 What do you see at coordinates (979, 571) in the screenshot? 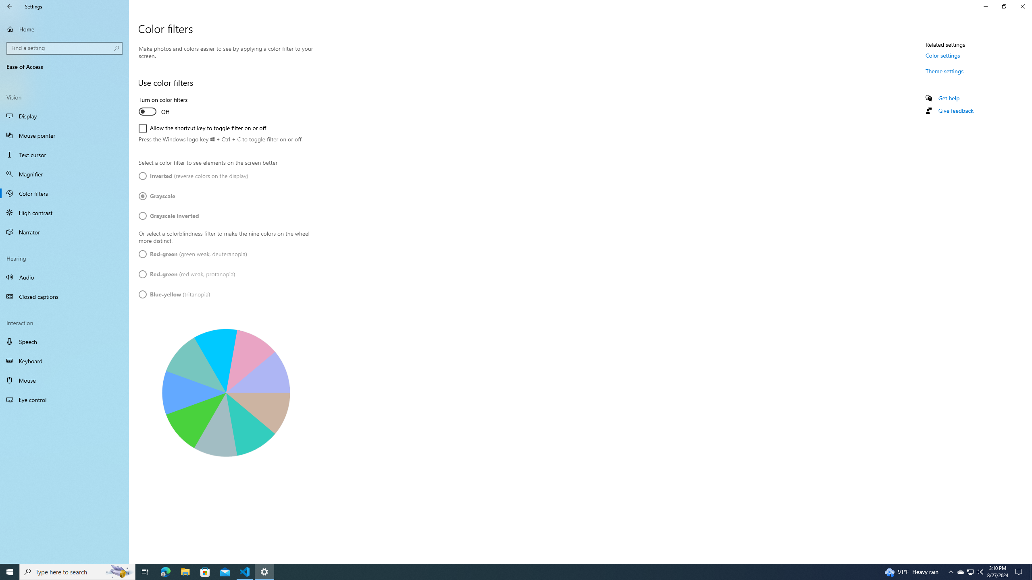
I see `'Q2790: 100%'` at bounding box center [979, 571].